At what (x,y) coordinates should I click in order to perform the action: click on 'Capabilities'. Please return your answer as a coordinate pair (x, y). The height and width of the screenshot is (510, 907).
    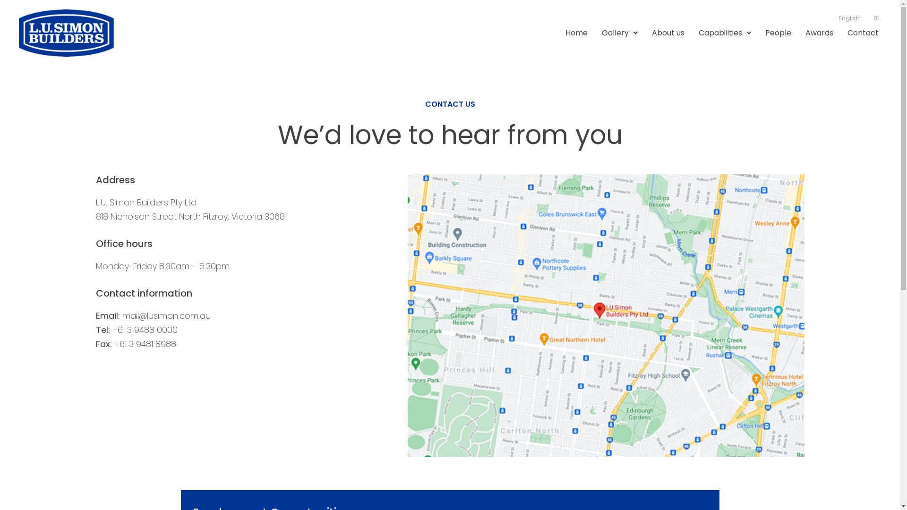
    Looking at the image, I should click on (724, 32).